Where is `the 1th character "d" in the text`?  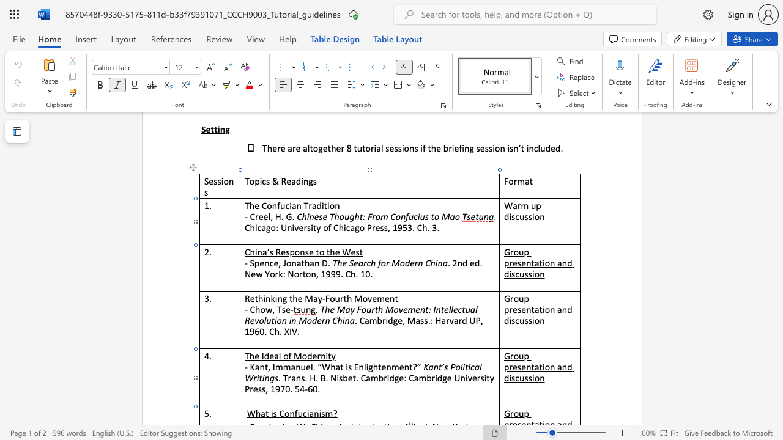
the 1th character "d" in the text is located at coordinates (569, 262).